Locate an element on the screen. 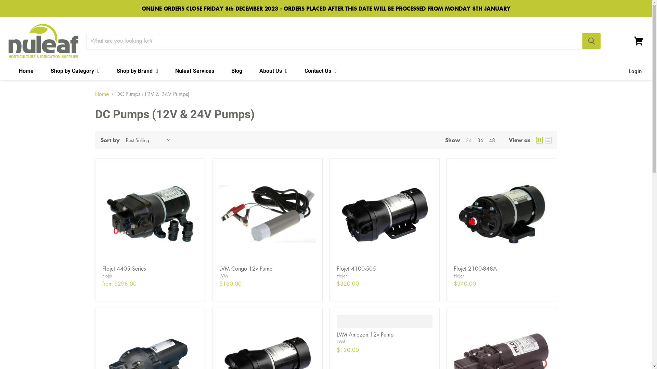 The width and height of the screenshot is (657, 369). 'LVM Amazon 12v Pump' is located at coordinates (364, 334).